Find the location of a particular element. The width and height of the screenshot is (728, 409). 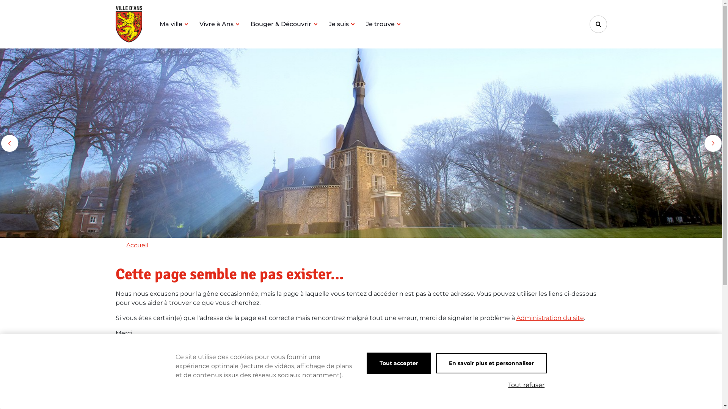

'Accueil' is located at coordinates (136, 245).